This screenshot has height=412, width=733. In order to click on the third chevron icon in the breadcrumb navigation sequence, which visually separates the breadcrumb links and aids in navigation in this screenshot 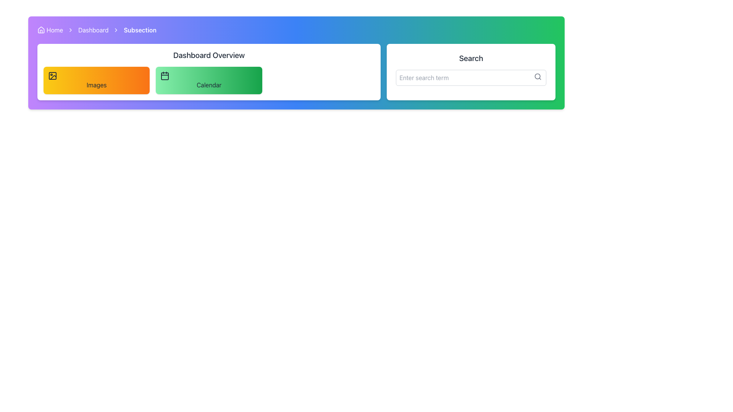, I will do `click(116, 29)`.